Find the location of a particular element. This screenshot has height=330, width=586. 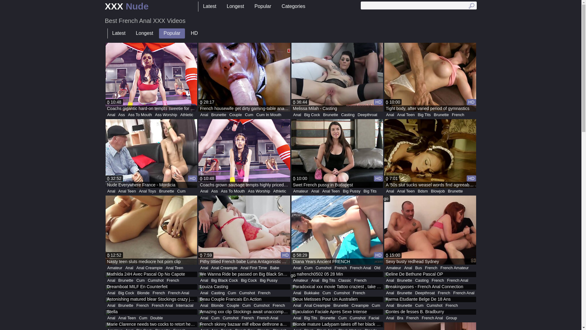

'Classic' is located at coordinates (344, 280).